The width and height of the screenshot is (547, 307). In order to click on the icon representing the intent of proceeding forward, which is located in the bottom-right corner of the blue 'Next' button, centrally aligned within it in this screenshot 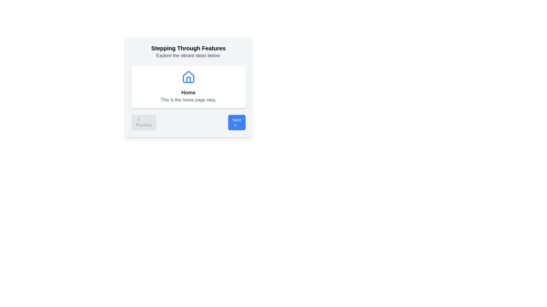, I will do `click(235, 125)`.